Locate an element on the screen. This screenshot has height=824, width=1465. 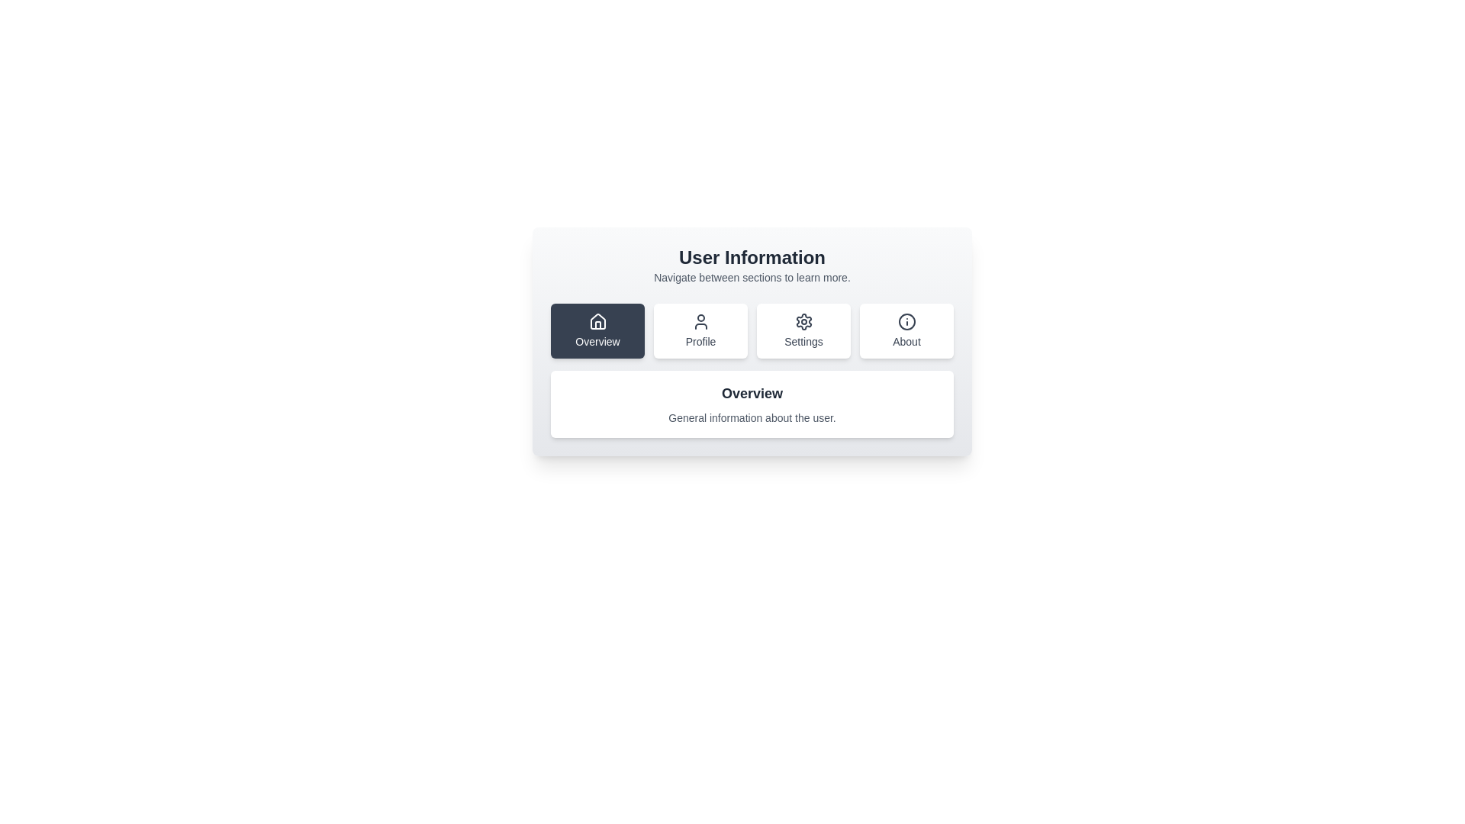
the circular icon with a hollow center and outer ring located in the 'About' section of the grid layout, which is positioned above the text label 'About' is located at coordinates (906, 320).